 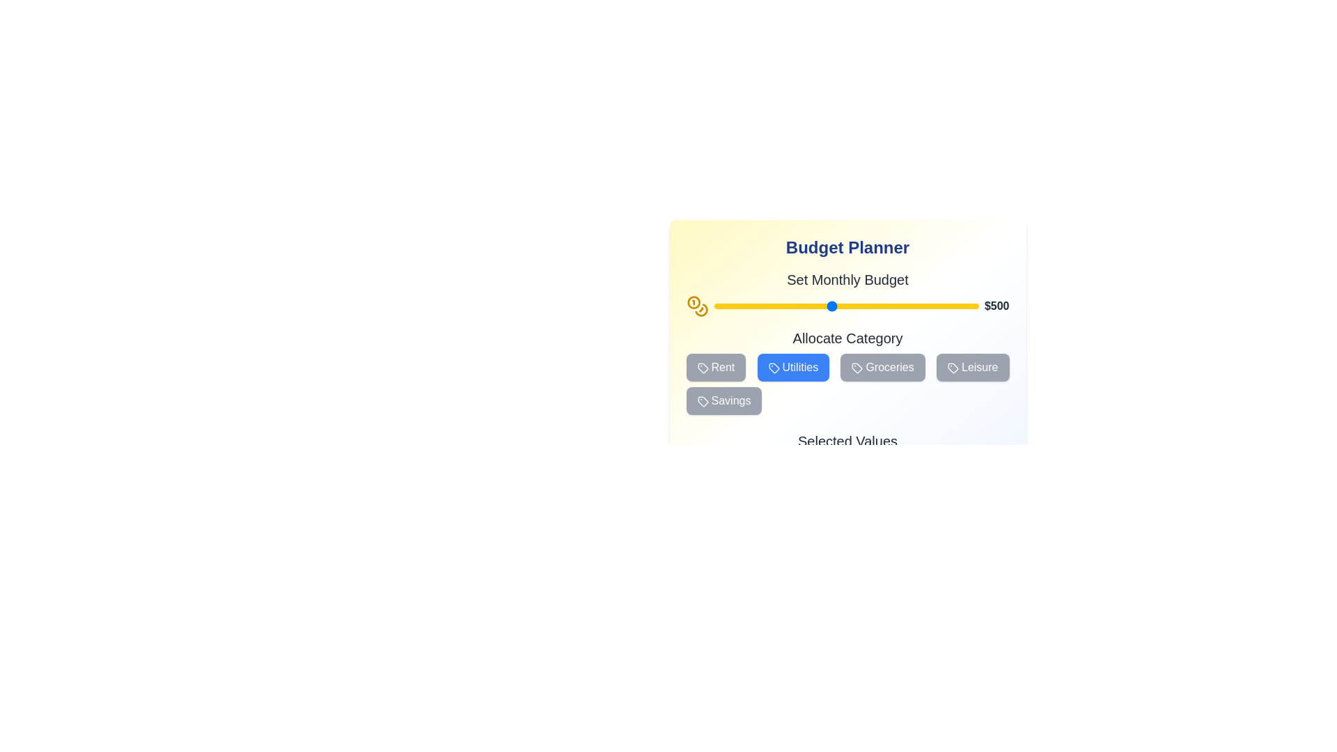 I want to click on the 'Rent' button with a grey background, which is the first button in the budget categories row, so click(x=716, y=367).